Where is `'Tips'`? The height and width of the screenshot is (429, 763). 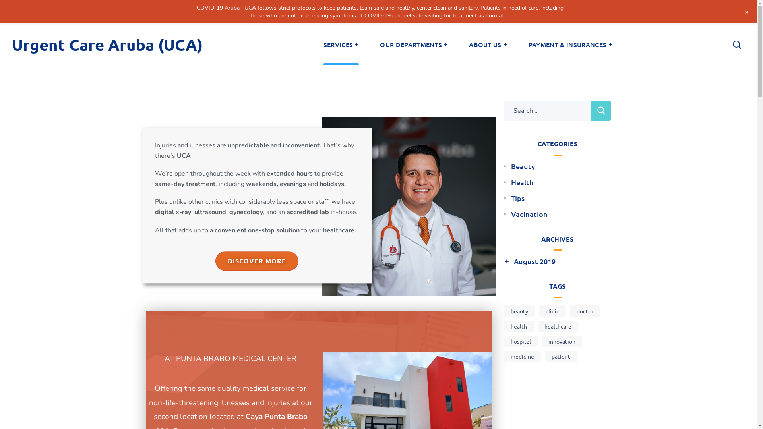 'Tips' is located at coordinates (511, 197).